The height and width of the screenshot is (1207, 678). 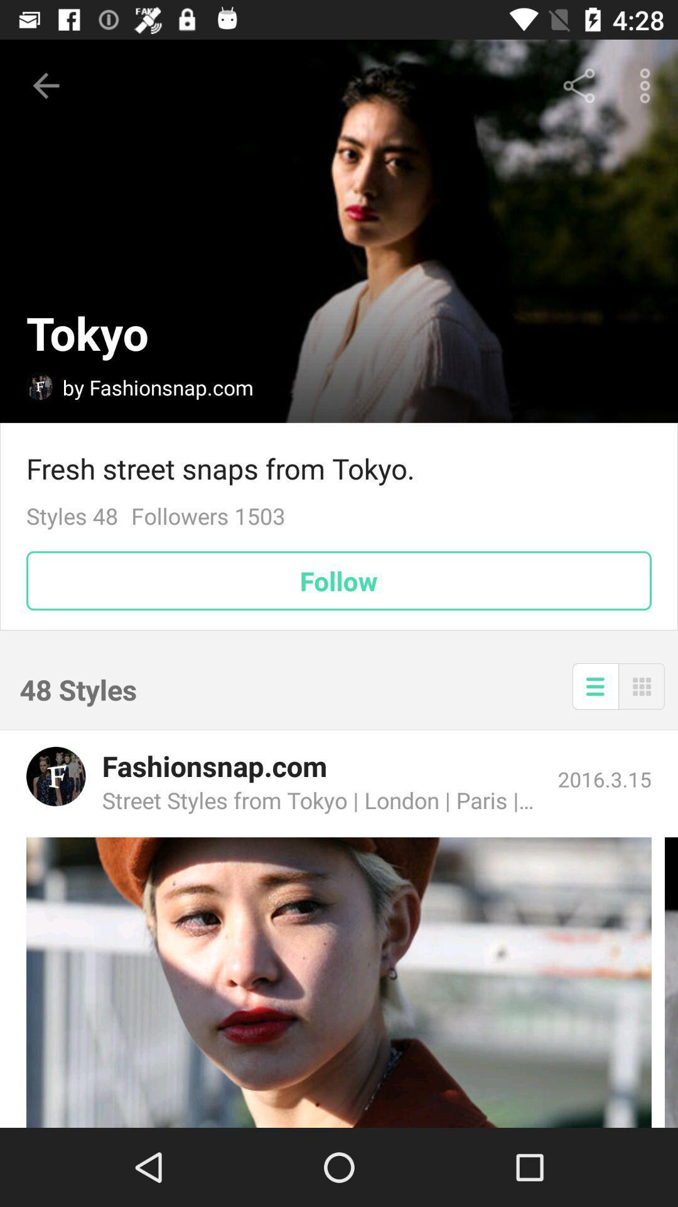 What do you see at coordinates (339, 580) in the screenshot?
I see `the icon above 48 styles item` at bounding box center [339, 580].